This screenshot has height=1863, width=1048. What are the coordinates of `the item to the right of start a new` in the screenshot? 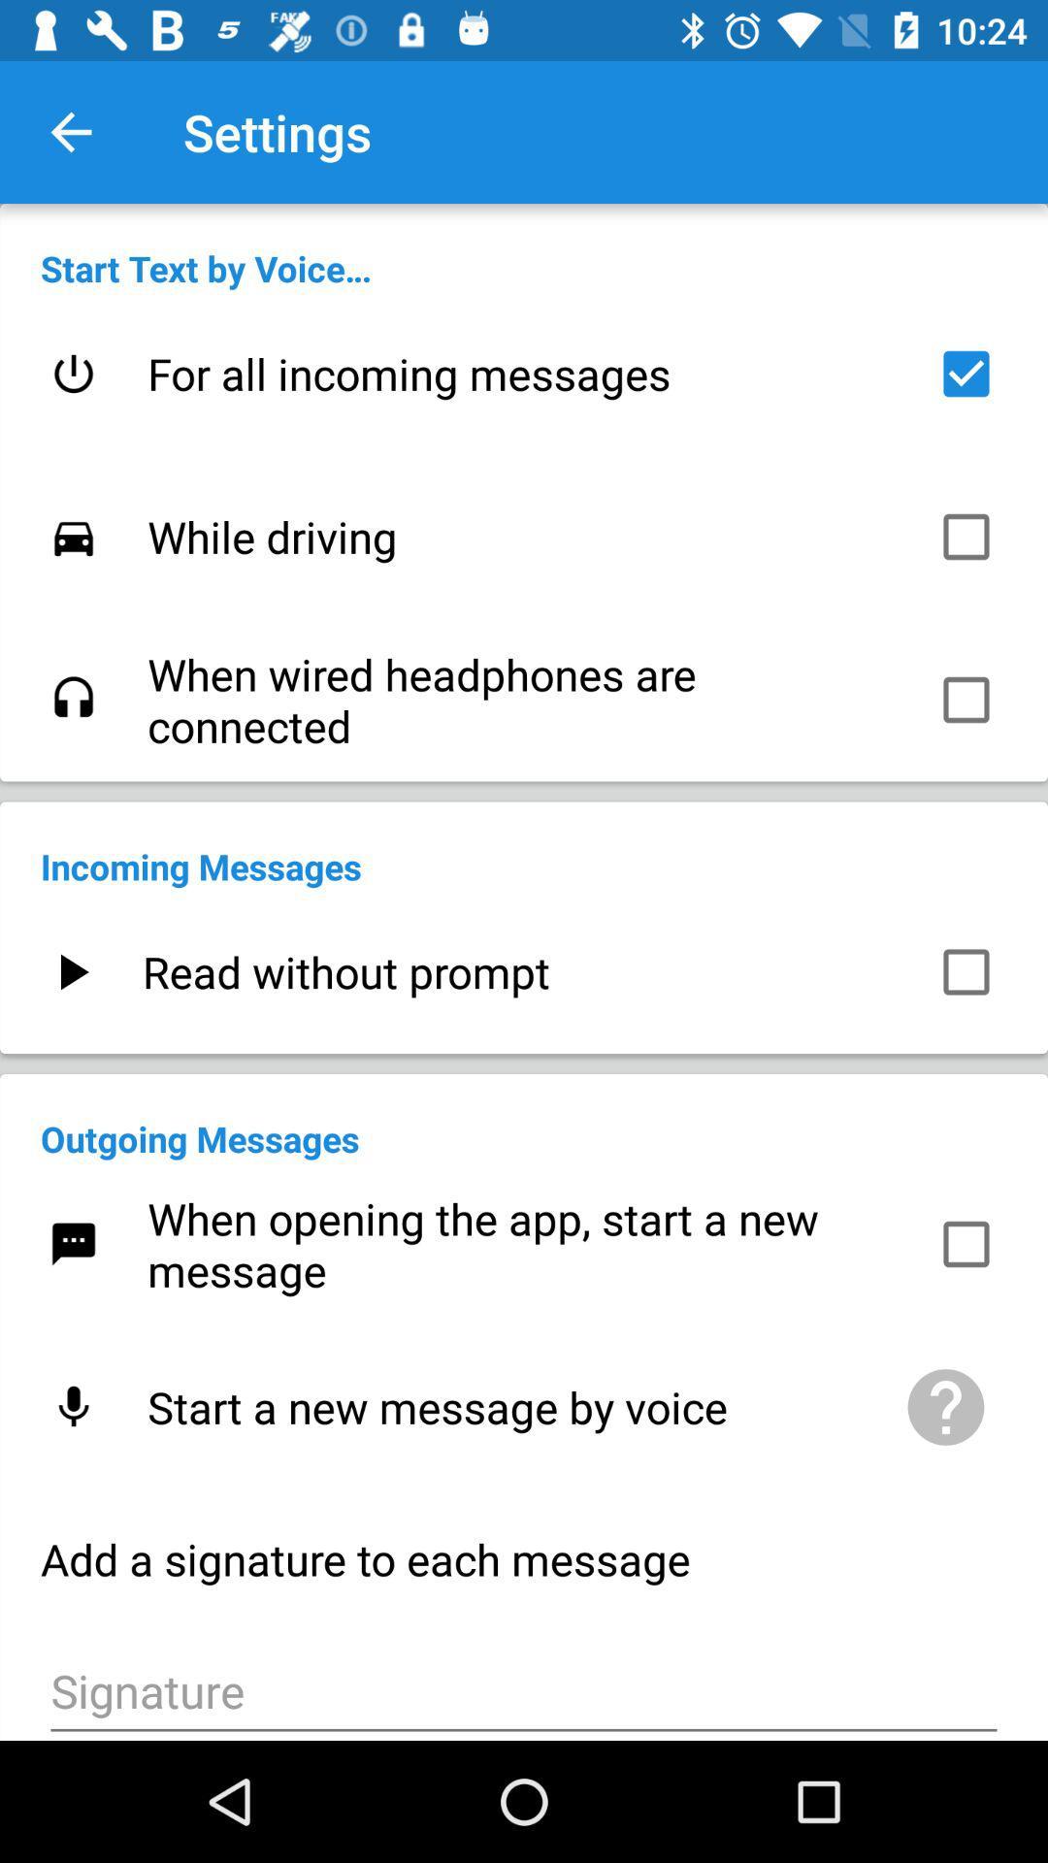 It's located at (945, 1407).